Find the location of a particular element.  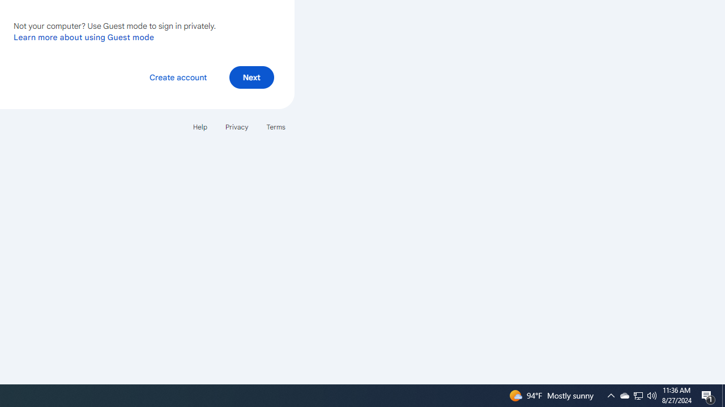

'Create account' is located at coordinates (177, 76).